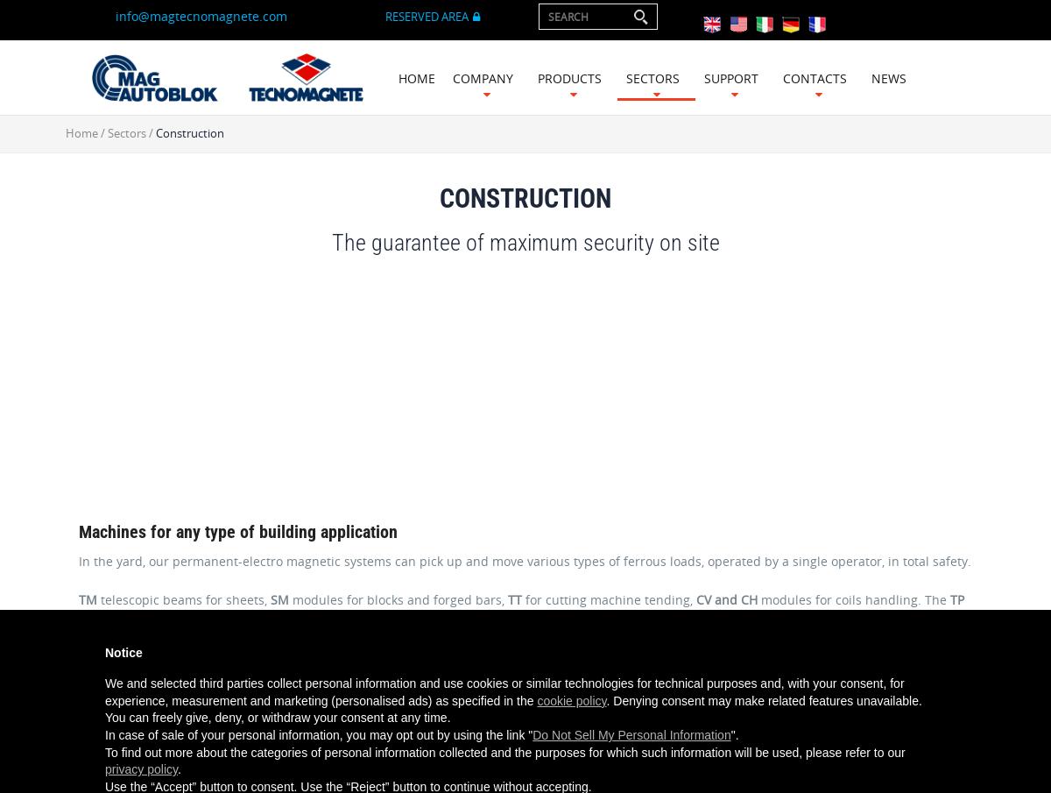 The image size is (1051, 793). I want to click on 'modules present a polar conformation designed for the pickup and the rotation of “H” and “L” profiles.', so click(381, 621).